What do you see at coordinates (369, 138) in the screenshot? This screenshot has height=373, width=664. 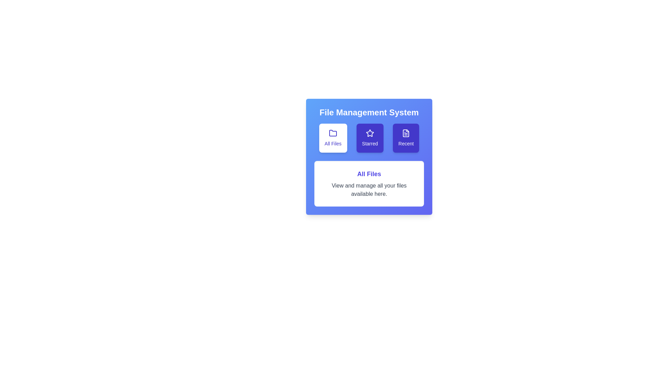 I see `the 'Starred' tab to display starred files` at bounding box center [369, 138].